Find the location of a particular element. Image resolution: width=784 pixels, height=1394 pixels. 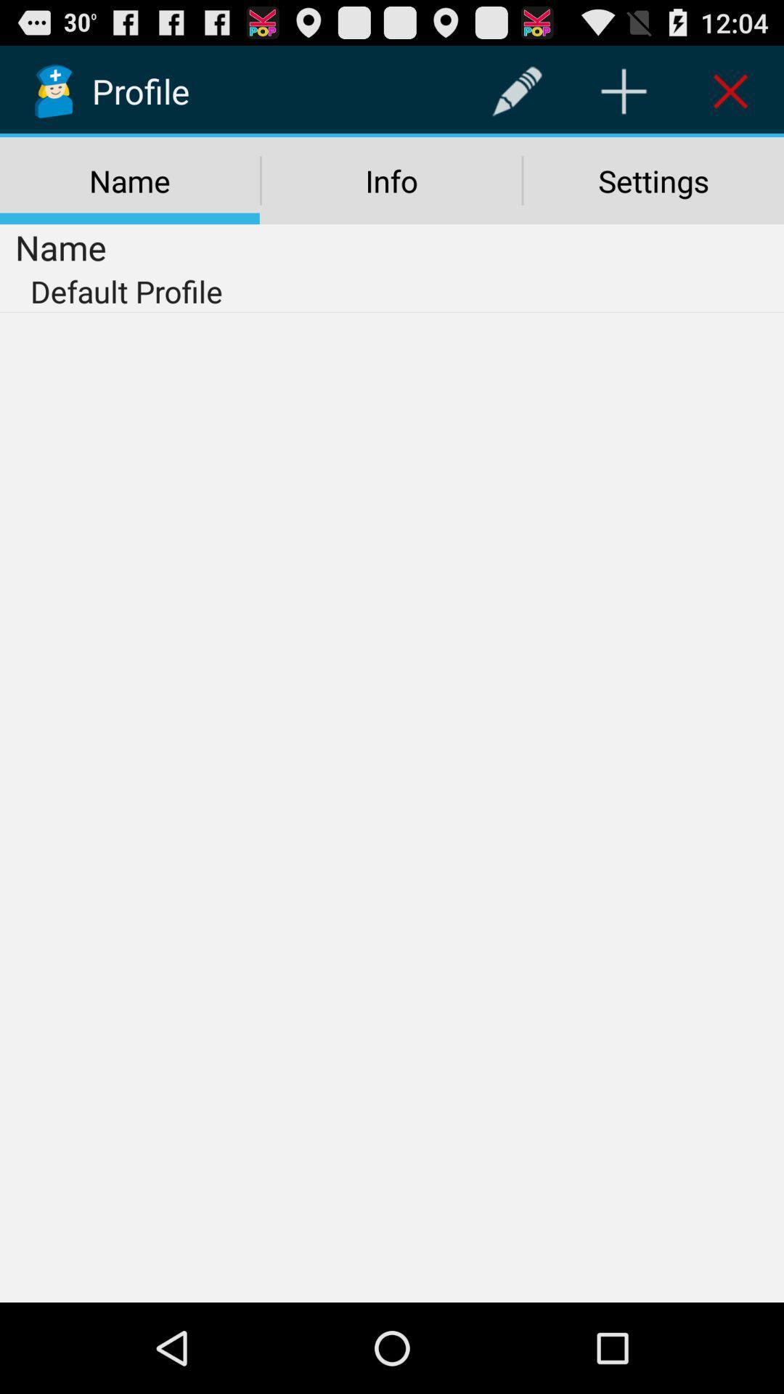

item to the right of name icon is located at coordinates (516, 90).